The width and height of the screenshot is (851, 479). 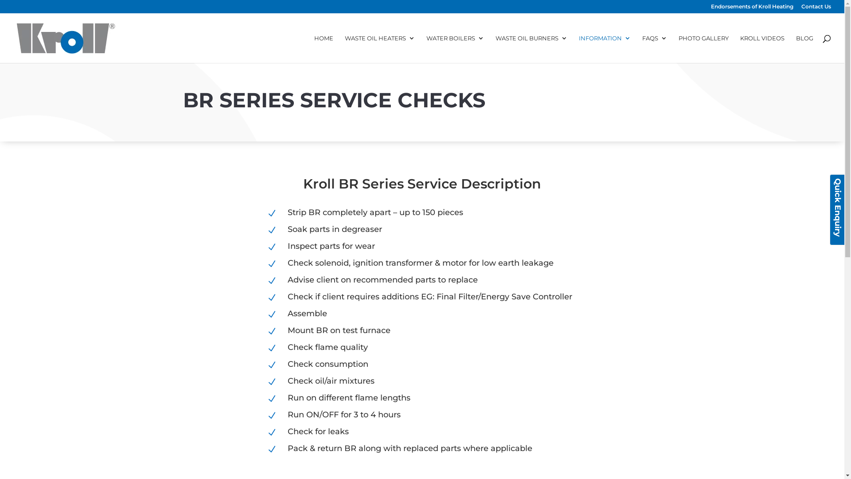 I want to click on 'Contact Us', so click(x=801, y=8).